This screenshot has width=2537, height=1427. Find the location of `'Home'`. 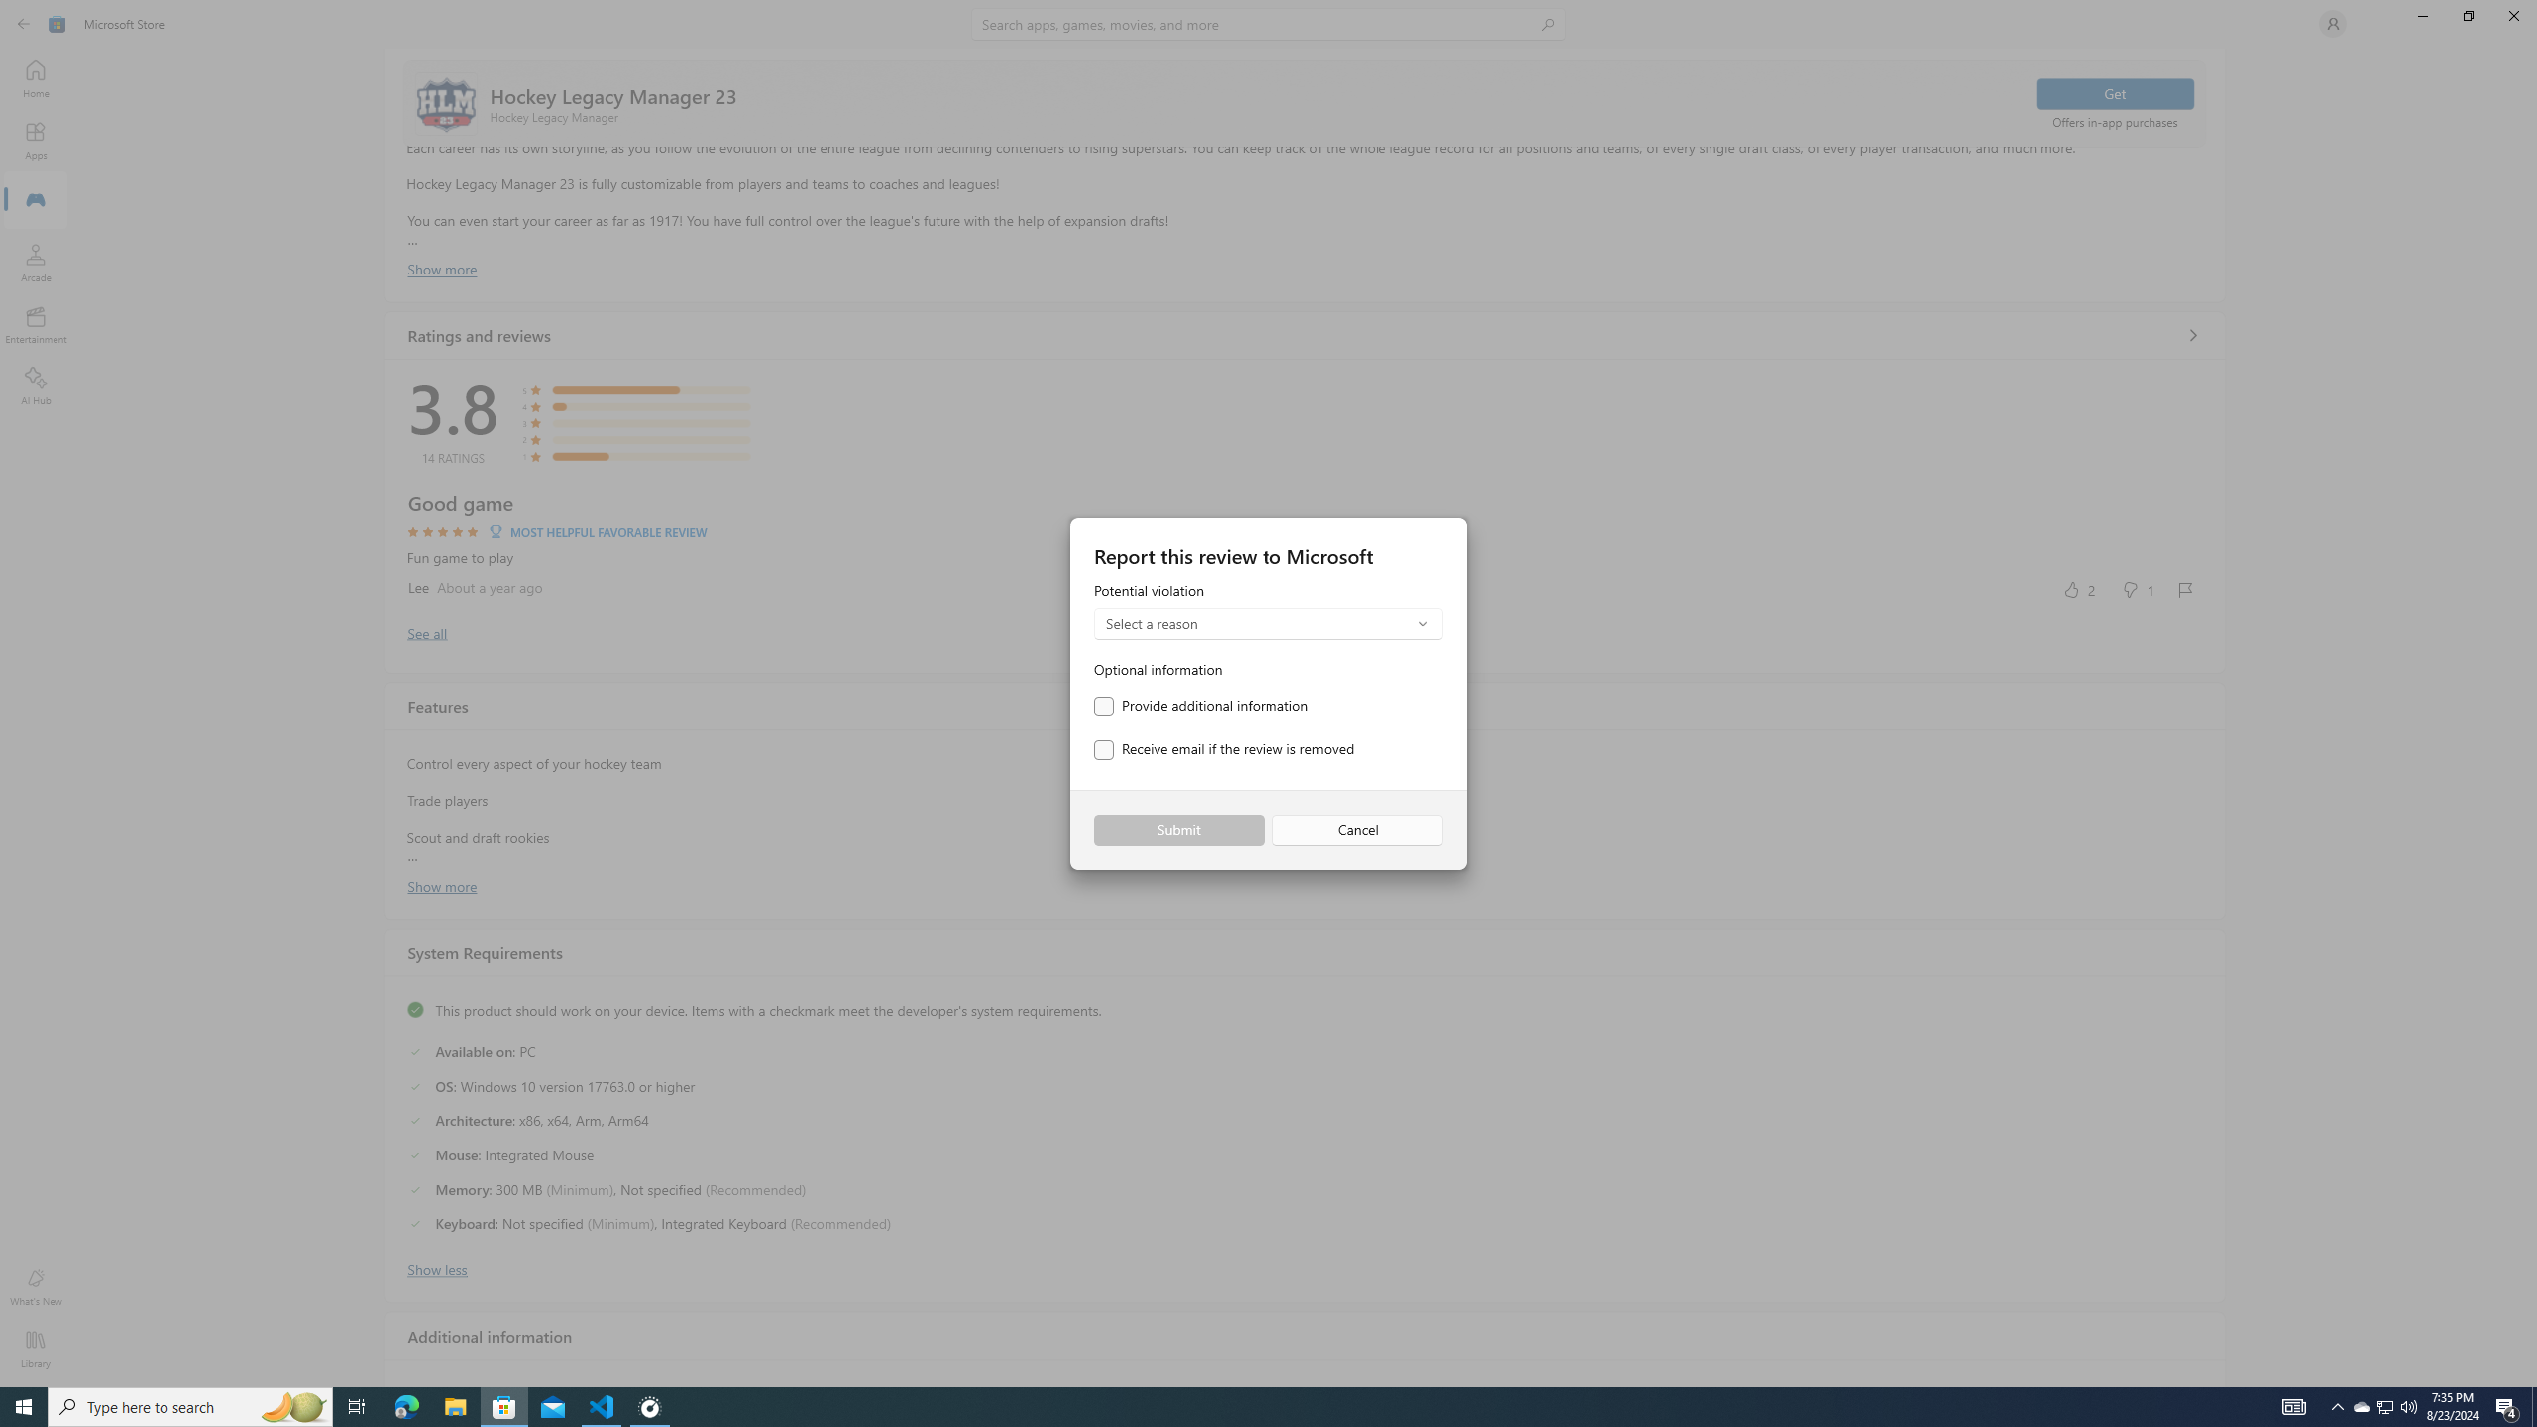

'Home' is located at coordinates (34, 77).